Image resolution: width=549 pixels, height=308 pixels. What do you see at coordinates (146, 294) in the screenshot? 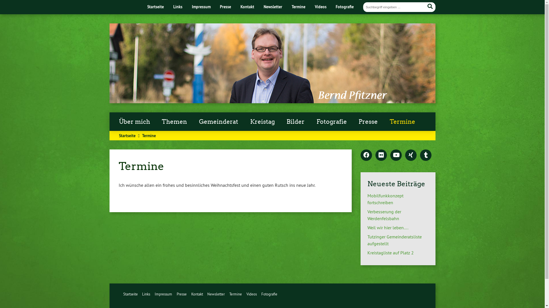
I see `'Links'` at bounding box center [146, 294].